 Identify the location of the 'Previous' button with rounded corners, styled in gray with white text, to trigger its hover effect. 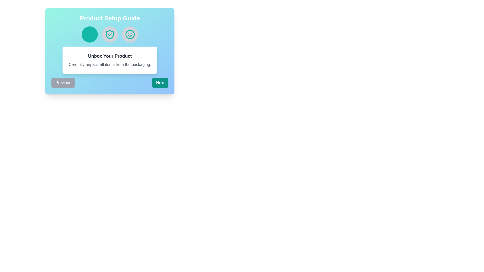
(63, 82).